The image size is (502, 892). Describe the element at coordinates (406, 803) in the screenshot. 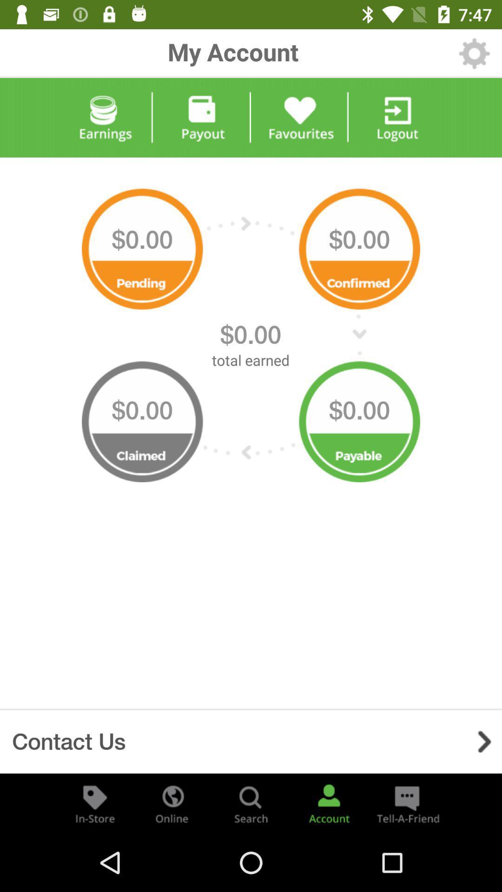

I see `tell a friend` at that location.